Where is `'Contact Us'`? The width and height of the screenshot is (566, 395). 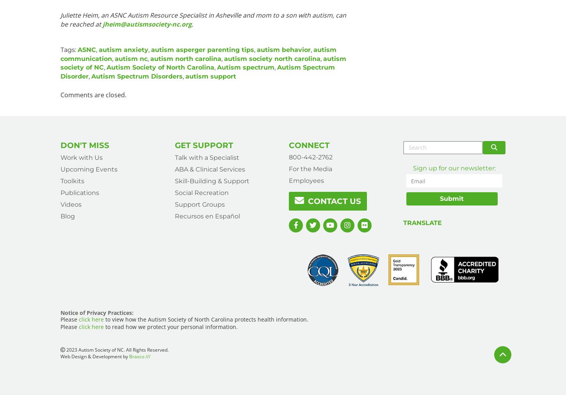 'Contact Us' is located at coordinates (306, 200).